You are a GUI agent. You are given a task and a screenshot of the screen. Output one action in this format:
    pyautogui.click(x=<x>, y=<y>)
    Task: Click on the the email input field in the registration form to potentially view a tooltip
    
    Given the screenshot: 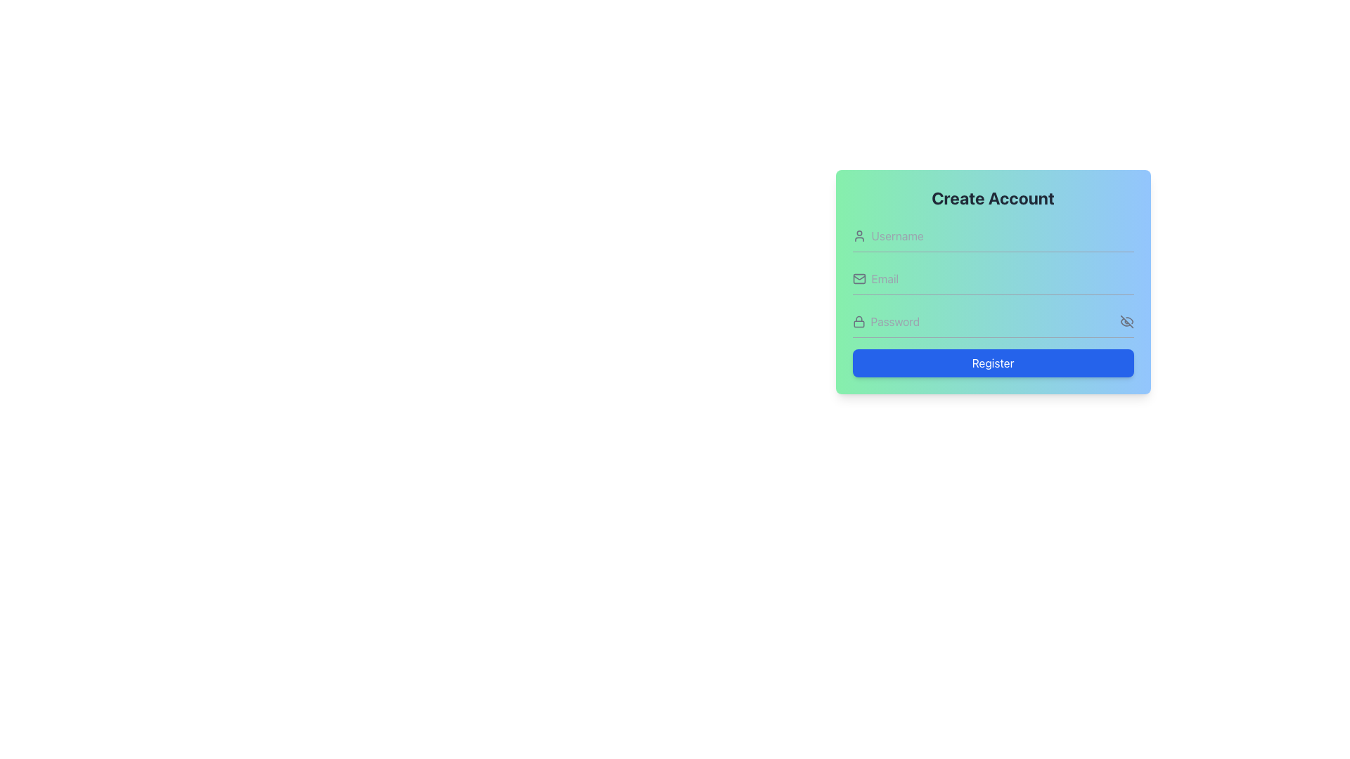 What is the action you would take?
    pyautogui.click(x=998, y=279)
    